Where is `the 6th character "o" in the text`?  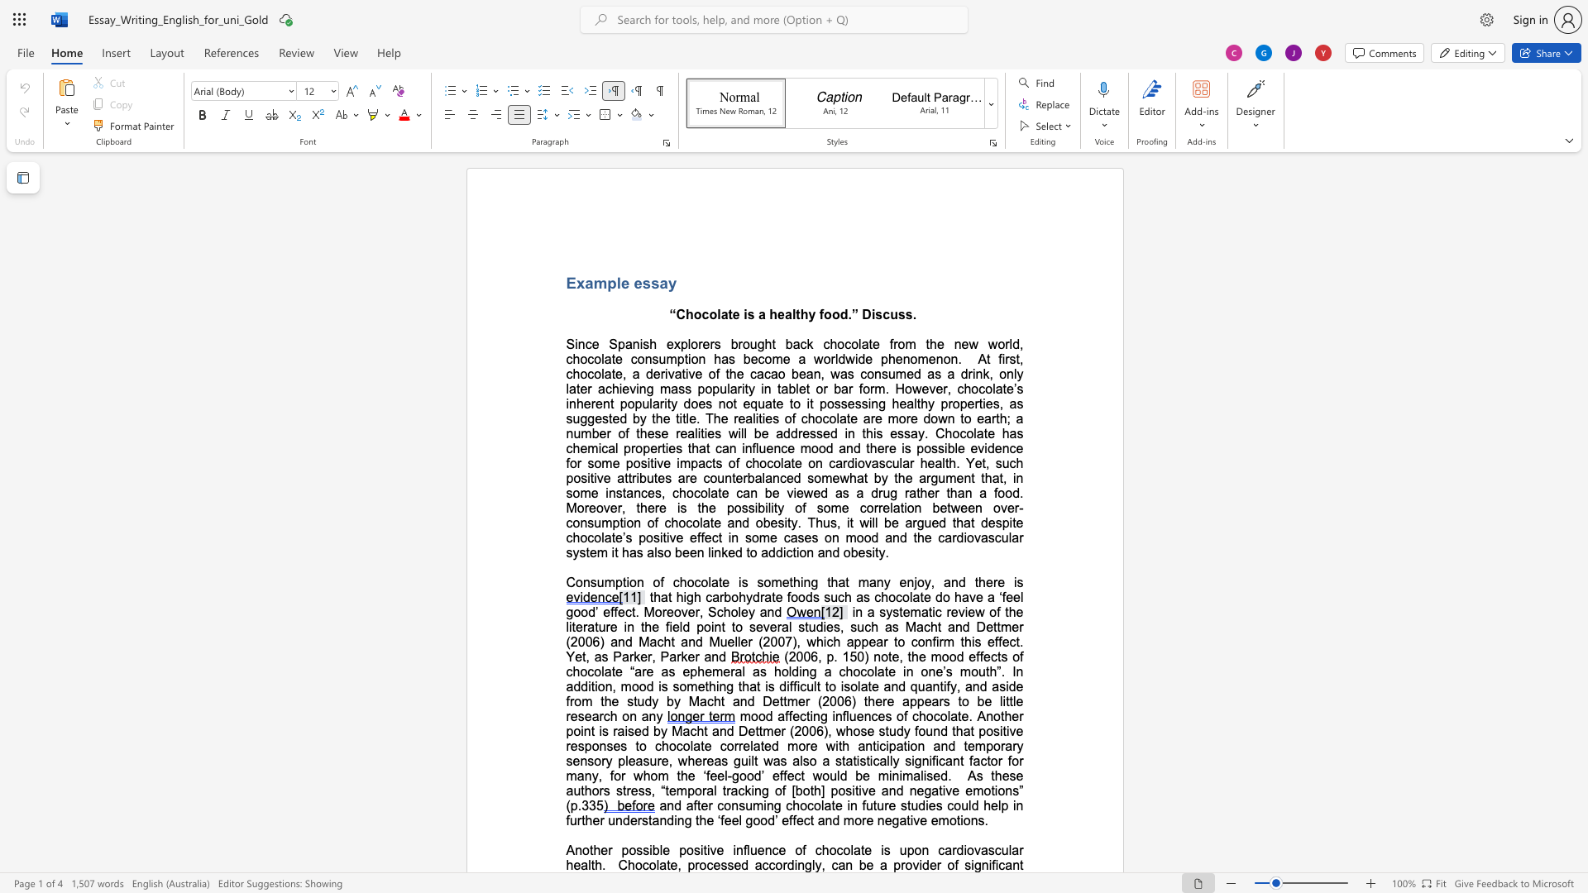
the 6th character "o" in the text is located at coordinates (766, 581).